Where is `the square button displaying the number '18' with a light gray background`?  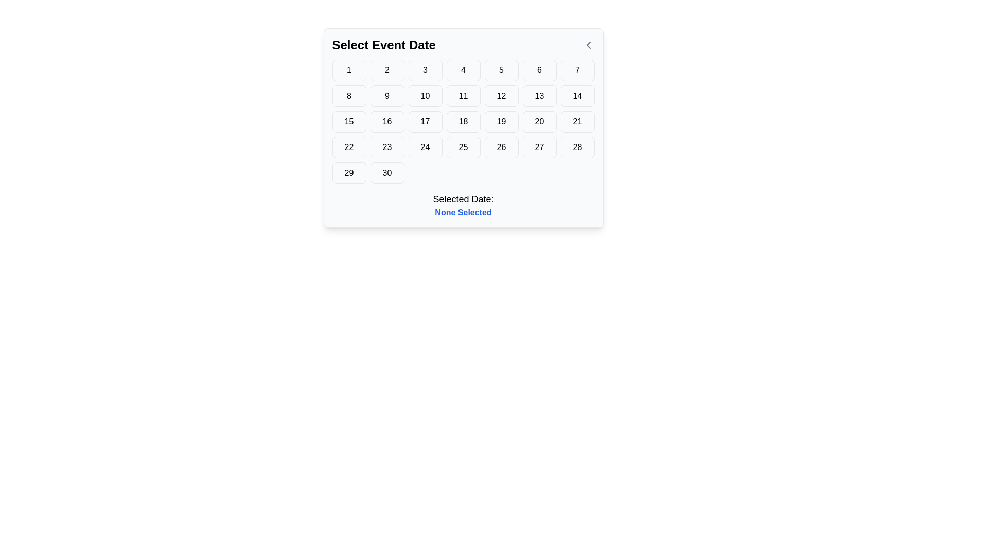
the square button displaying the number '18' with a light gray background is located at coordinates (463, 121).